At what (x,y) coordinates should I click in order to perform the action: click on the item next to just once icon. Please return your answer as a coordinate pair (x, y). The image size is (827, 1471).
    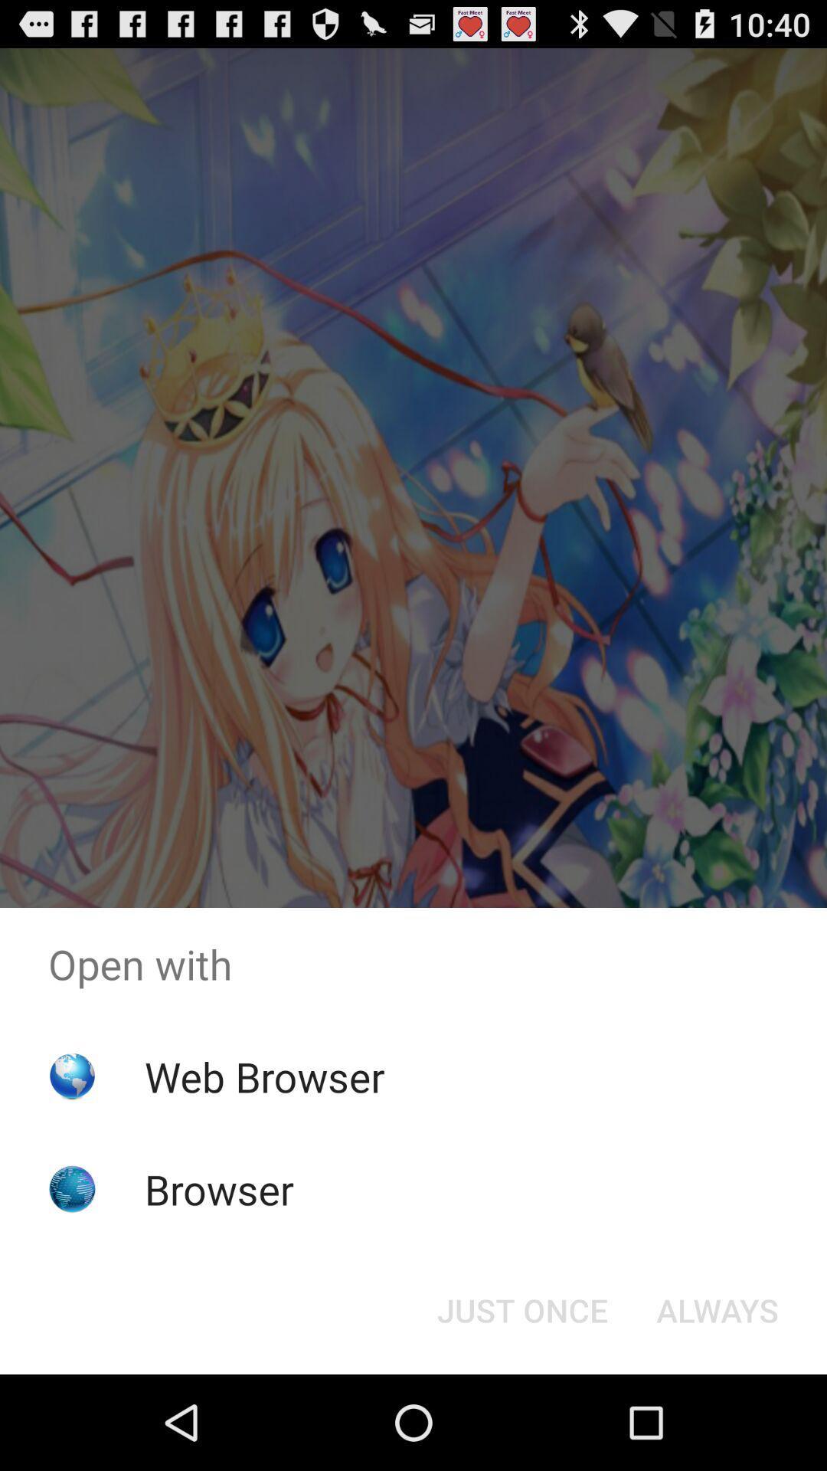
    Looking at the image, I should click on (717, 1309).